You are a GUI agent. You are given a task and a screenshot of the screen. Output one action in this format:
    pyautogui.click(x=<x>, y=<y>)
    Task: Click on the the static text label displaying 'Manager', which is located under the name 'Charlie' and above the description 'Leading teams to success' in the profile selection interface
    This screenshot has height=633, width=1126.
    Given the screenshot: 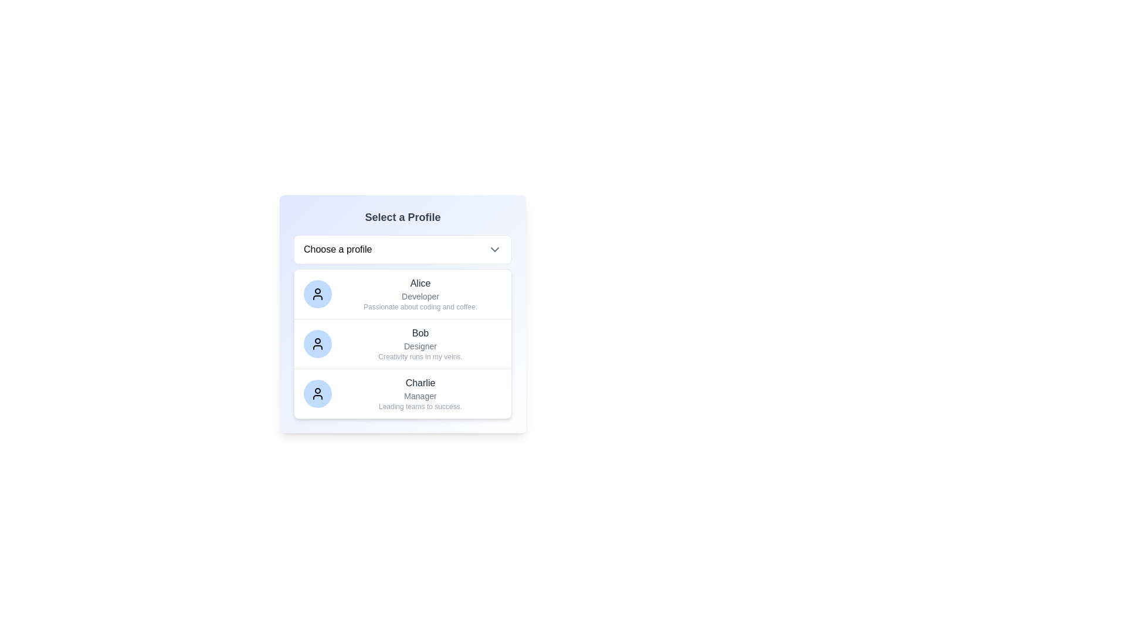 What is the action you would take?
    pyautogui.click(x=420, y=396)
    